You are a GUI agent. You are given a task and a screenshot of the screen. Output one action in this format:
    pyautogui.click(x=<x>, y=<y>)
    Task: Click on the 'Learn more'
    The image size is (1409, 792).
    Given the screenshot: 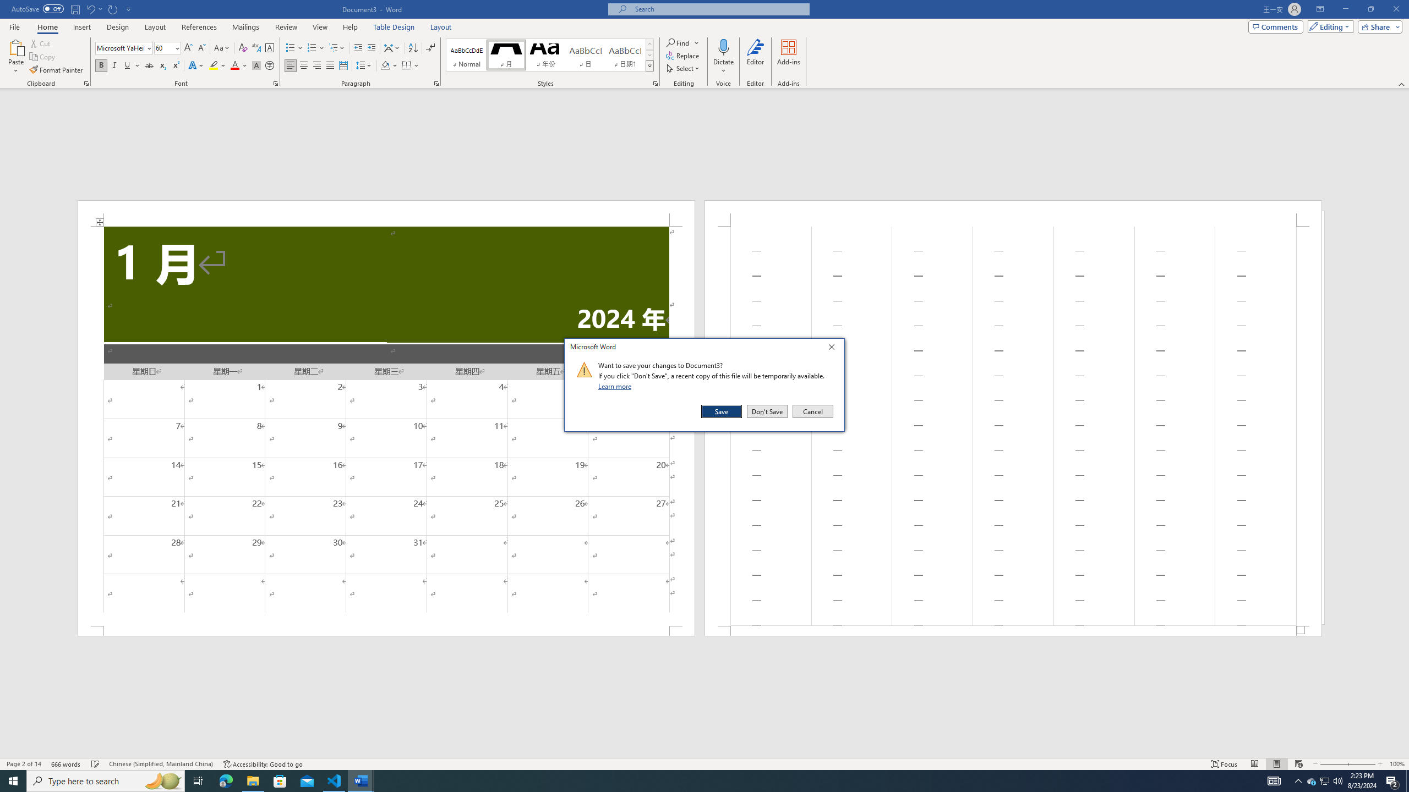 What is the action you would take?
    pyautogui.click(x=616, y=386)
    